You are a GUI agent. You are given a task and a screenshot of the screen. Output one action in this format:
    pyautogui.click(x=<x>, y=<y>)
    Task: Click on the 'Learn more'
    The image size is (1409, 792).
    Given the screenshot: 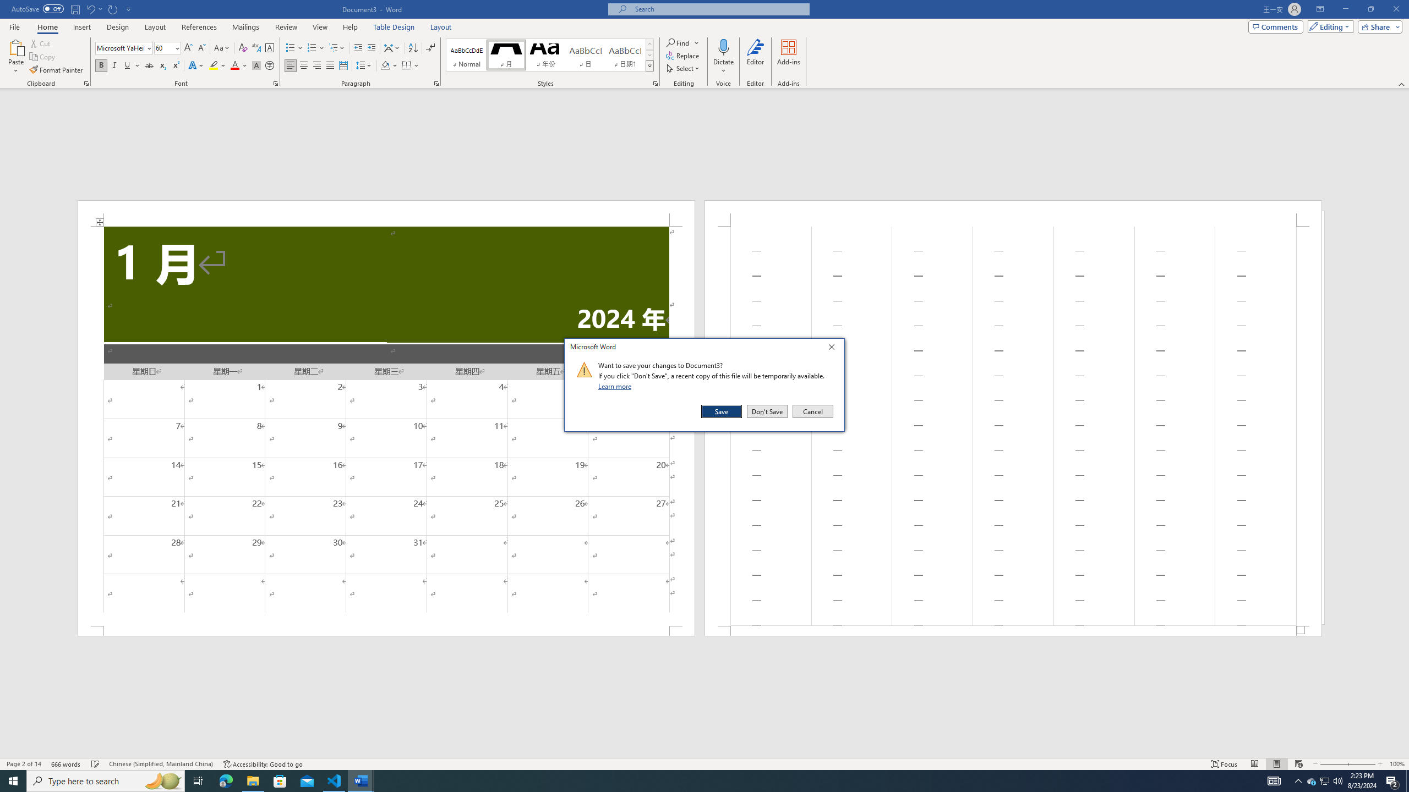 What is the action you would take?
    pyautogui.click(x=616, y=386)
    